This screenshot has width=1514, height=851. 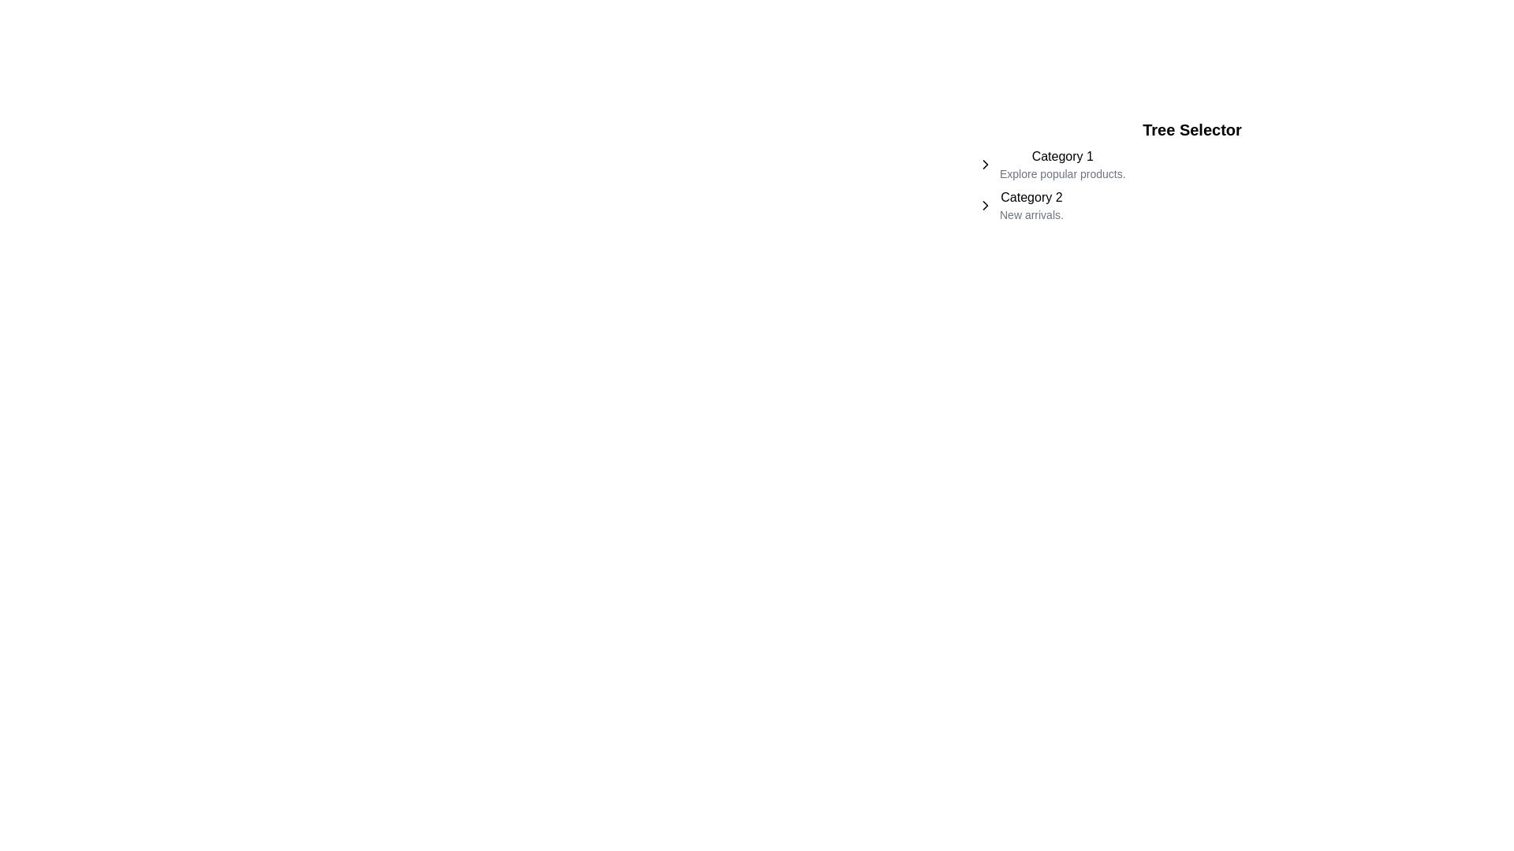 I want to click on the text label displaying 'Category 1', which is positioned above 'Explore popular products.' within the Tree Selector section, so click(x=1062, y=156).